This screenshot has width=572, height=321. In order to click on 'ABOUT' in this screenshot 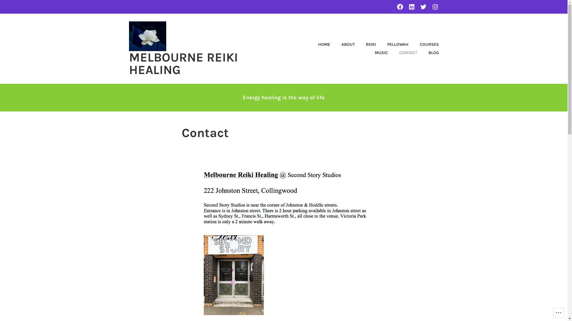, I will do `click(343, 44)`.